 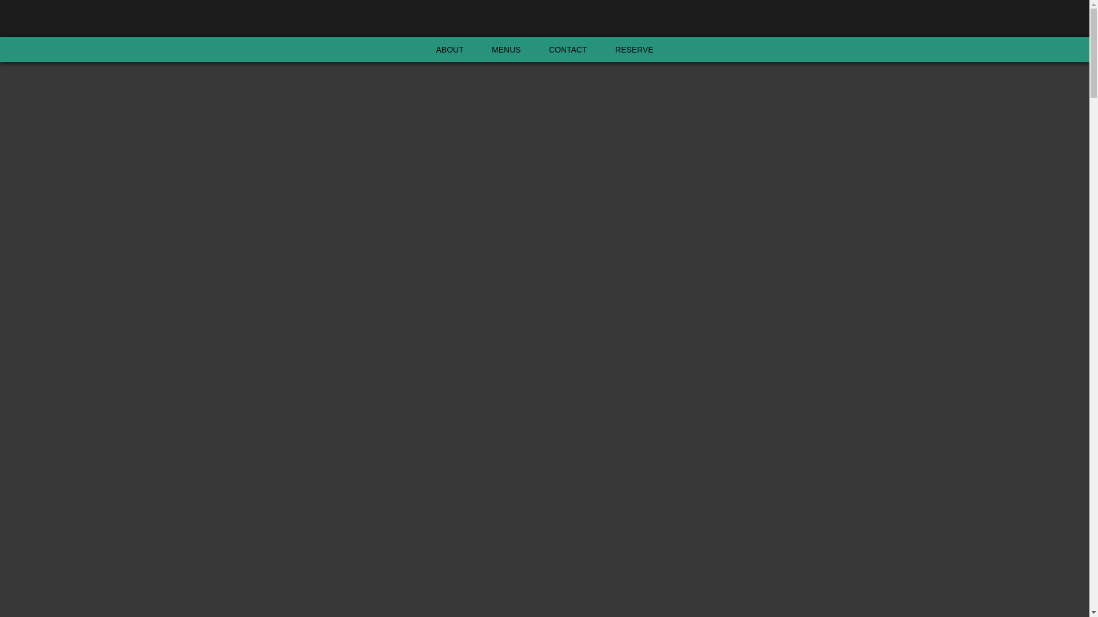 I want to click on 'CONTACT', so click(x=568, y=49).